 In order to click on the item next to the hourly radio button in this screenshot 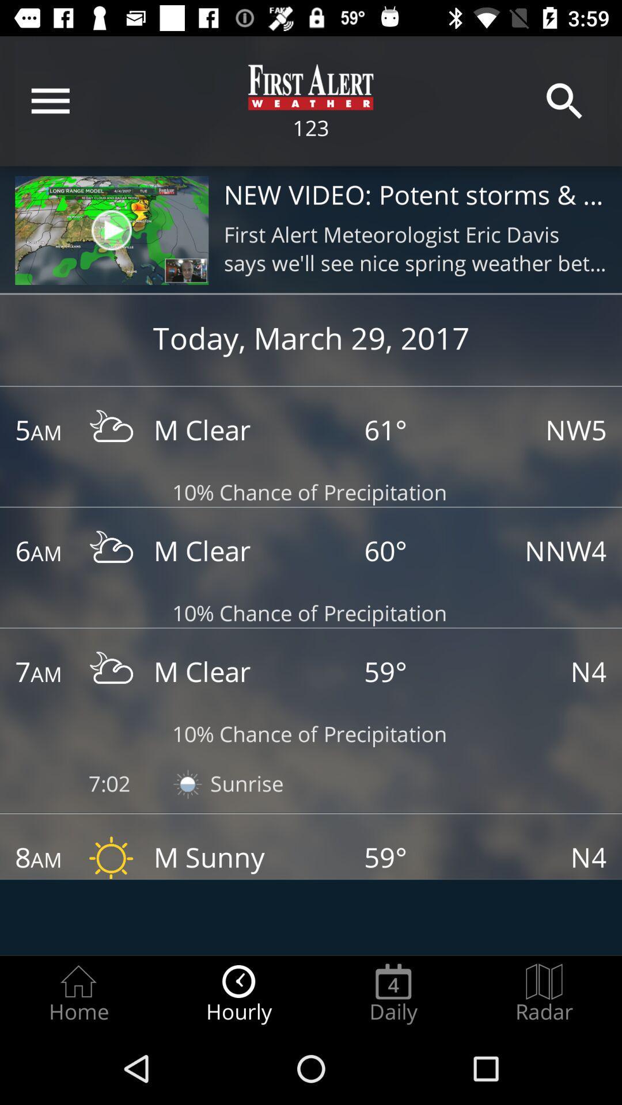, I will do `click(393, 993)`.